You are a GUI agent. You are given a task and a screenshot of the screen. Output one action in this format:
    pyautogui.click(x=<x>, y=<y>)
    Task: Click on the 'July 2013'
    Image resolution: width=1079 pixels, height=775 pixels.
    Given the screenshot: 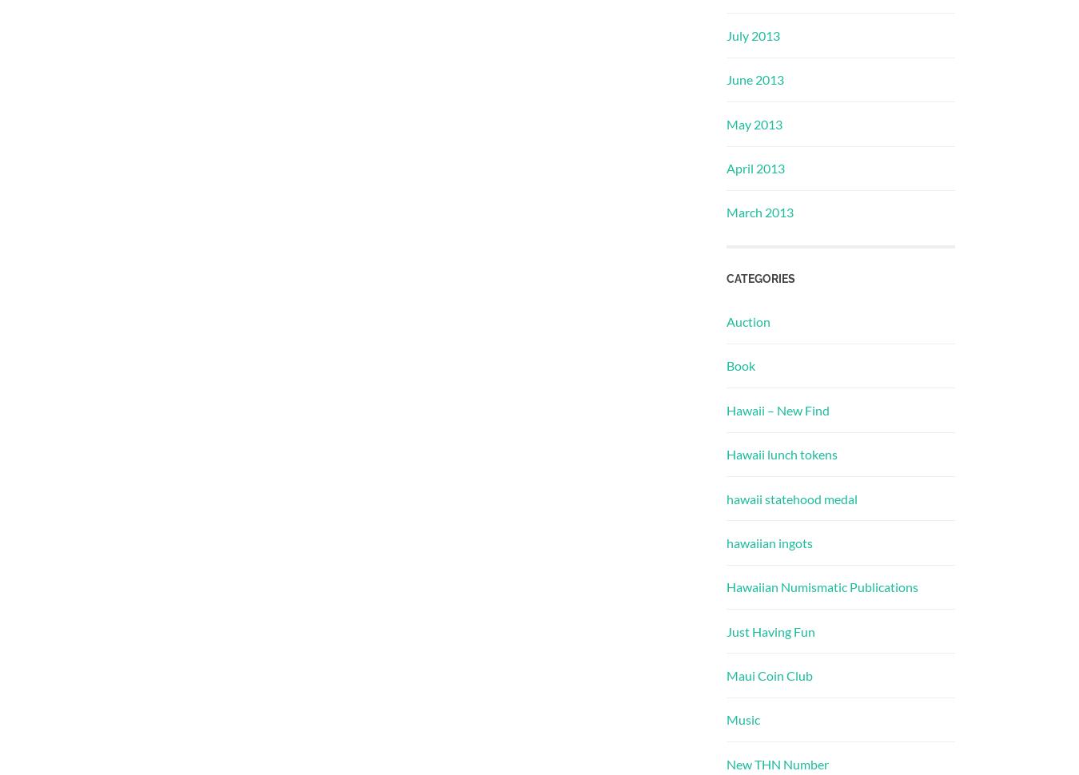 What is the action you would take?
    pyautogui.click(x=752, y=34)
    